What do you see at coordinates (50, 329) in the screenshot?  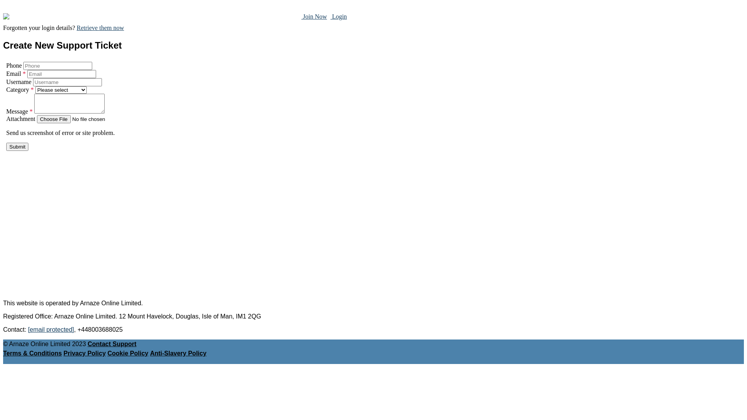 I see `'[email protected]'` at bounding box center [50, 329].